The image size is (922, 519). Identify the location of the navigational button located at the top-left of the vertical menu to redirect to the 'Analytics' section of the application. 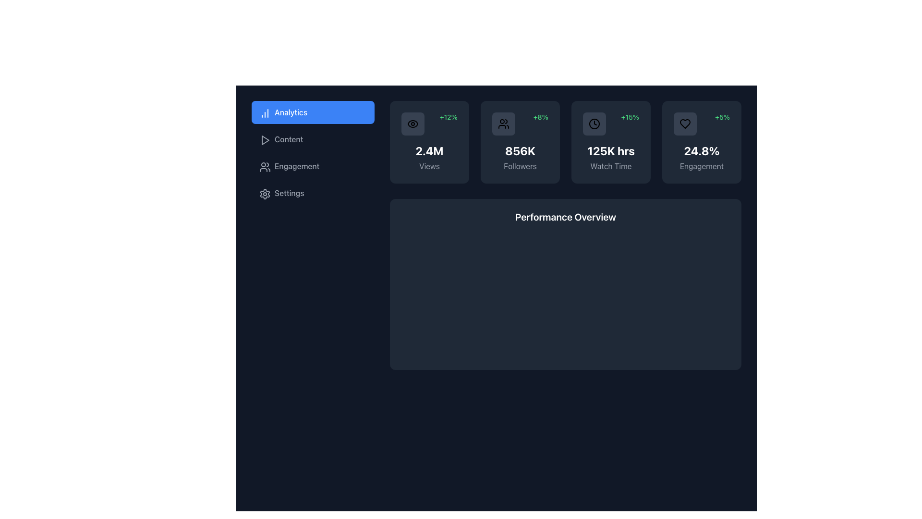
(313, 112).